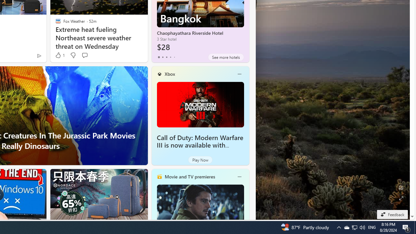 This screenshot has width=416, height=234. Describe the element at coordinates (200, 160) in the screenshot. I see `'Play Now'` at that location.